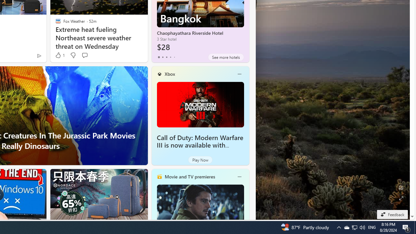 This screenshot has width=416, height=234. Describe the element at coordinates (200, 160) in the screenshot. I see `'Play Now'` at that location.